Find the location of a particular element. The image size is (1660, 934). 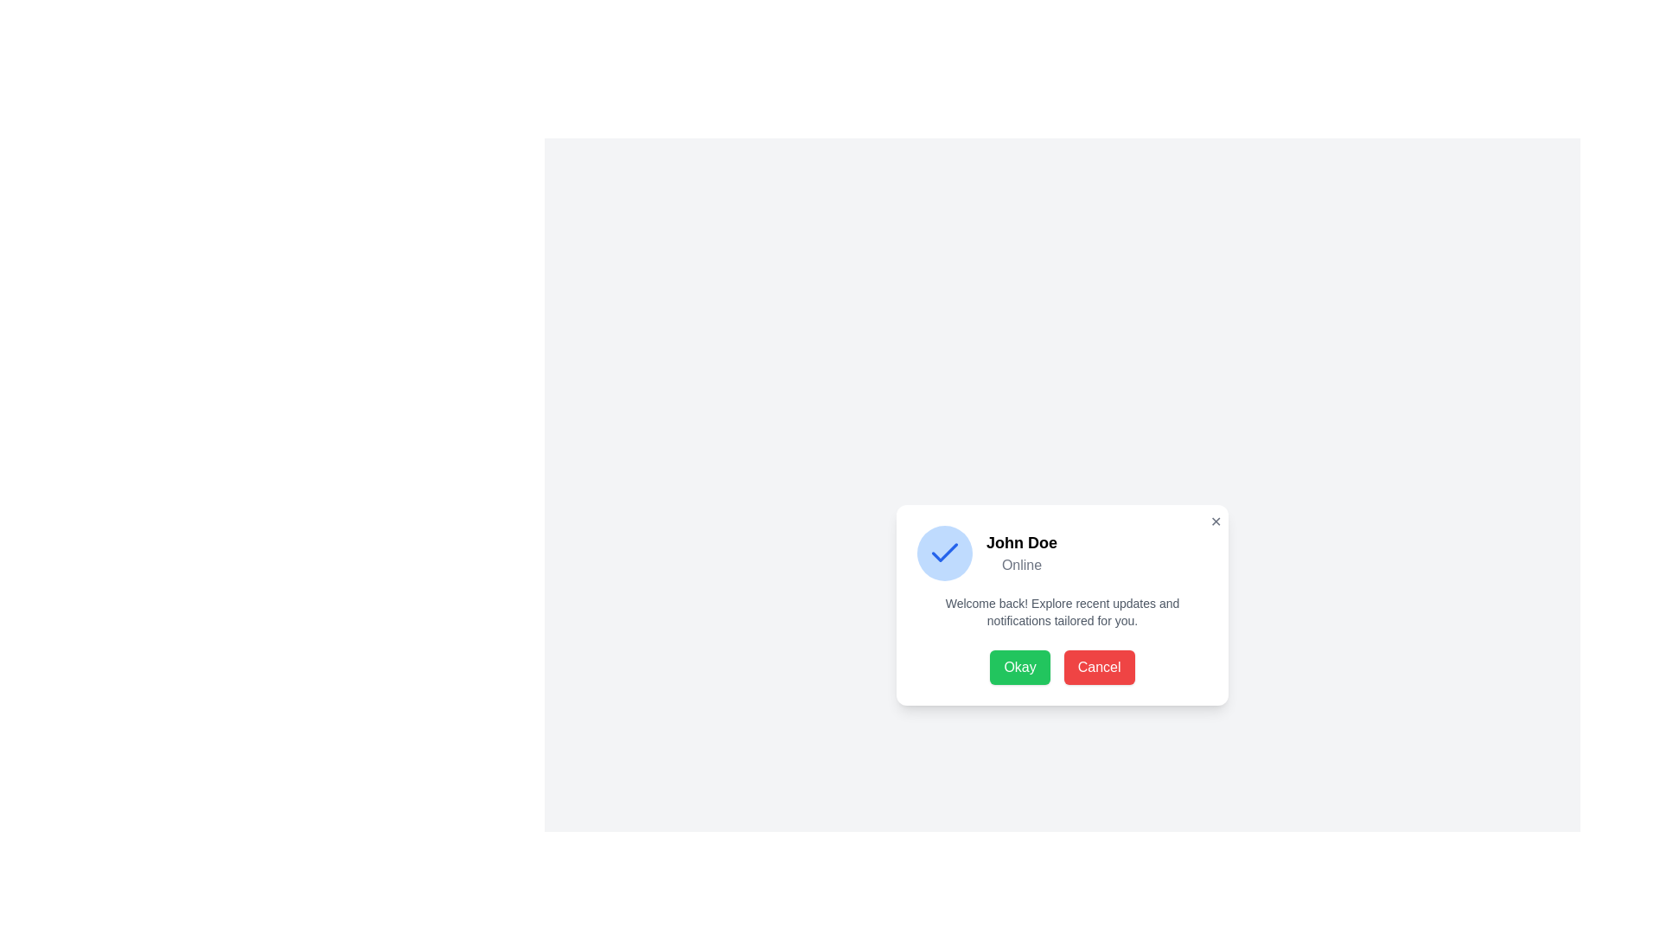

the text label displaying 'John Doe', which is prominently styled and located above the 'Online' text in the dialog box is located at coordinates (1021, 542).